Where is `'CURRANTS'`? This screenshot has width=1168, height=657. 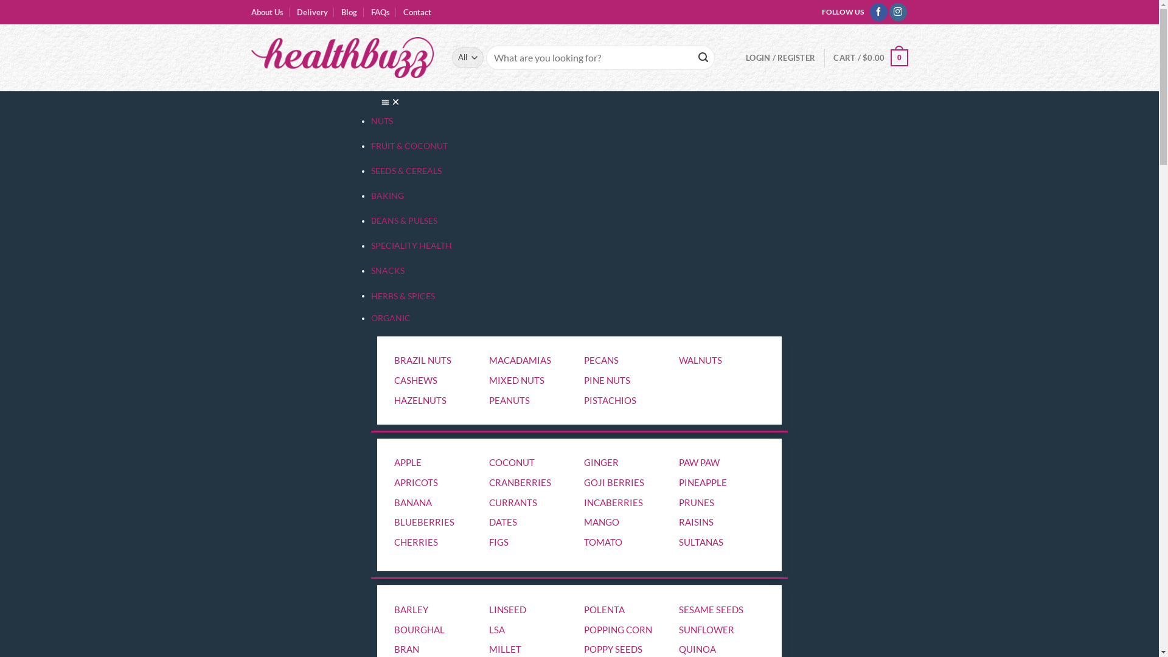 'CURRANTS' is located at coordinates (513, 502).